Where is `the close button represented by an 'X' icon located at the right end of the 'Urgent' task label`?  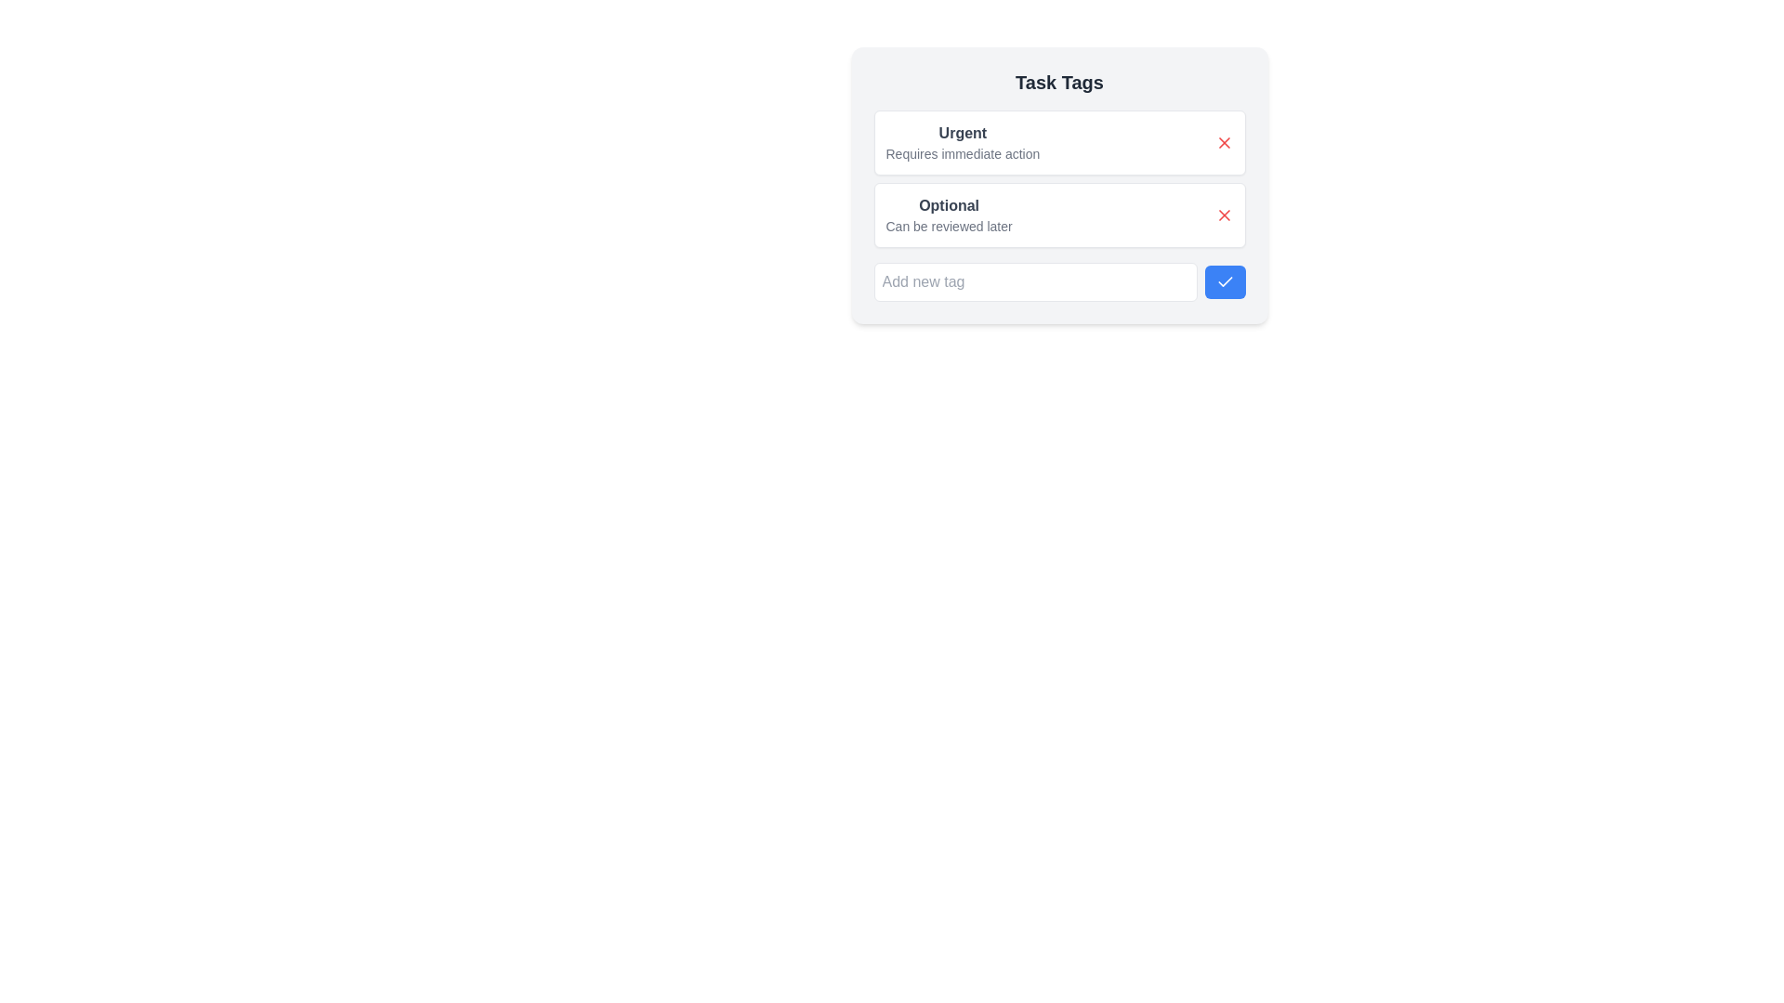 the close button represented by an 'X' icon located at the right end of the 'Urgent' task label is located at coordinates (1224, 142).